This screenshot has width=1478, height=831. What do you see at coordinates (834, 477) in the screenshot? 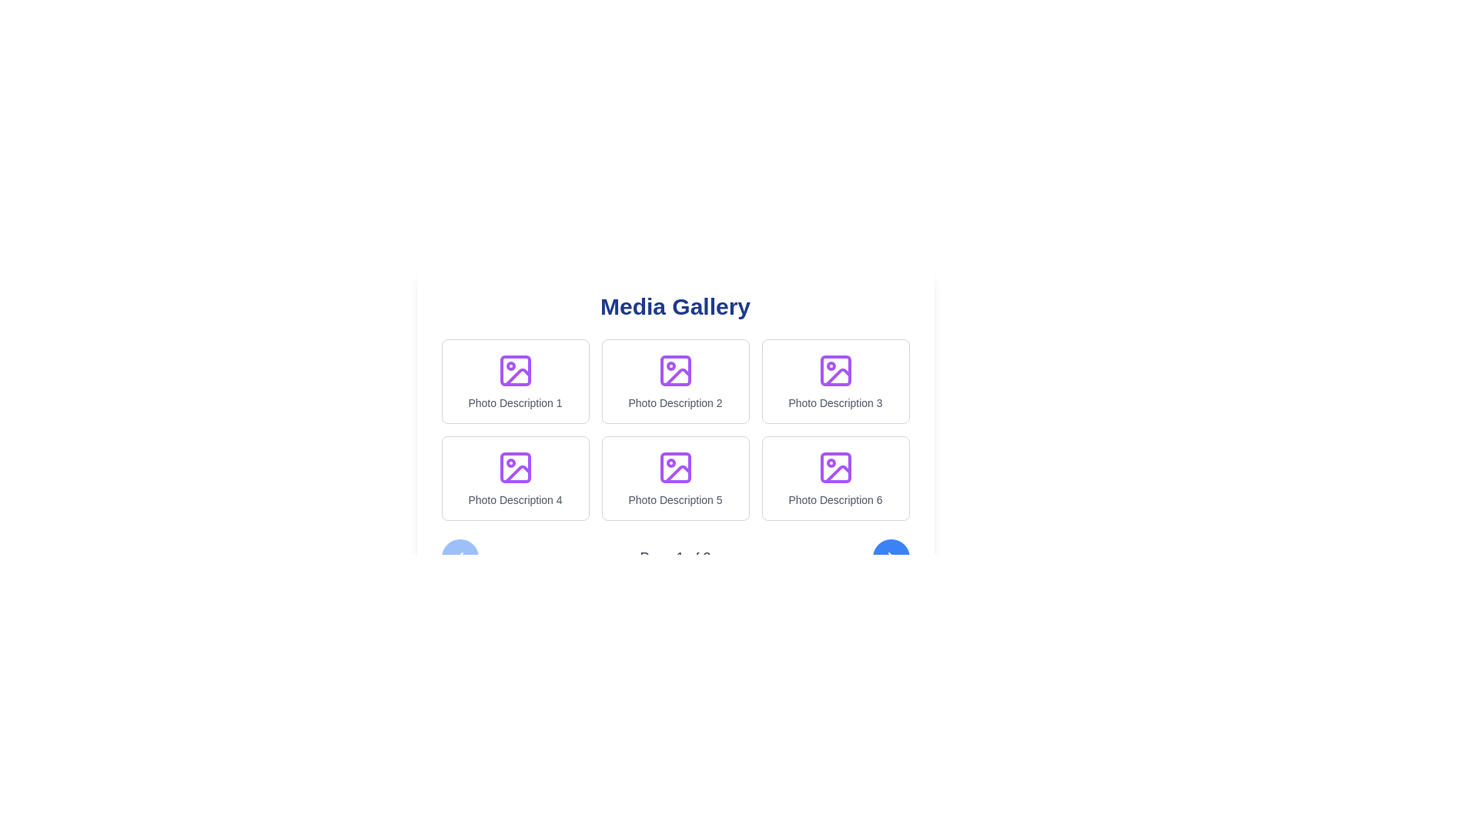
I see `the Card with the icon and text label that displays 'Photo Description 6', located in the bottom right corner of the 3x2 grid layout` at bounding box center [834, 477].